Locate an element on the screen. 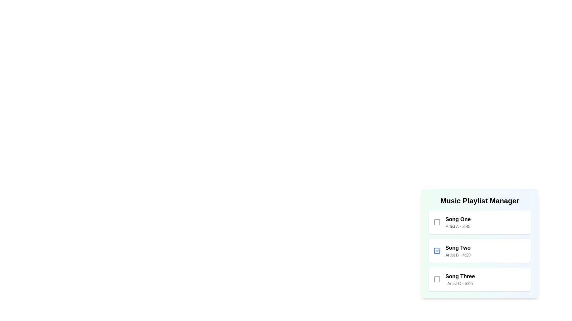 The height and width of the screenshot is (321, 572). the box containing the song title 'Song Three', artist 'Artist C', and duration '5:05' is located at coordinates (480, 279).